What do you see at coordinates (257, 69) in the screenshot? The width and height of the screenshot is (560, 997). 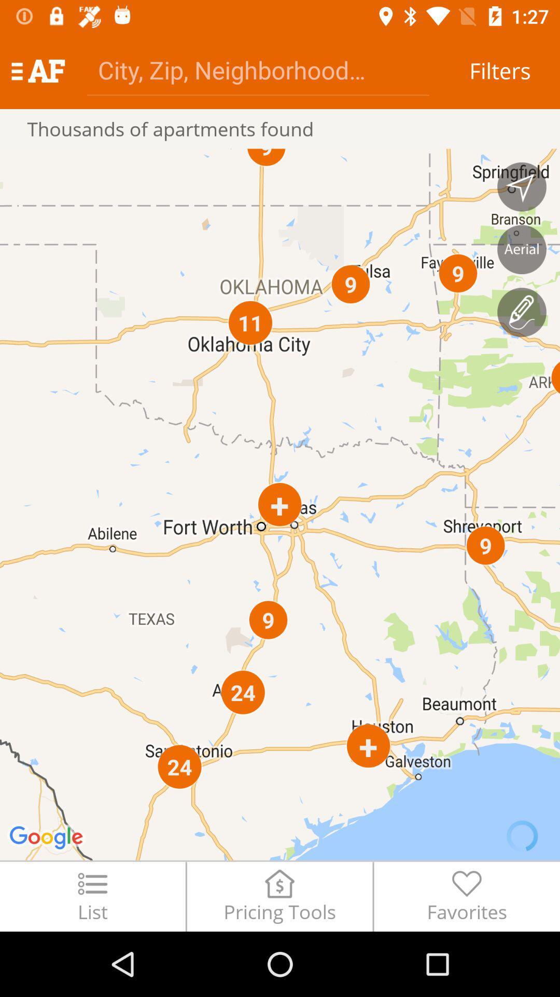 I see `the item next to filters icon` at bounding box center [257, 69].